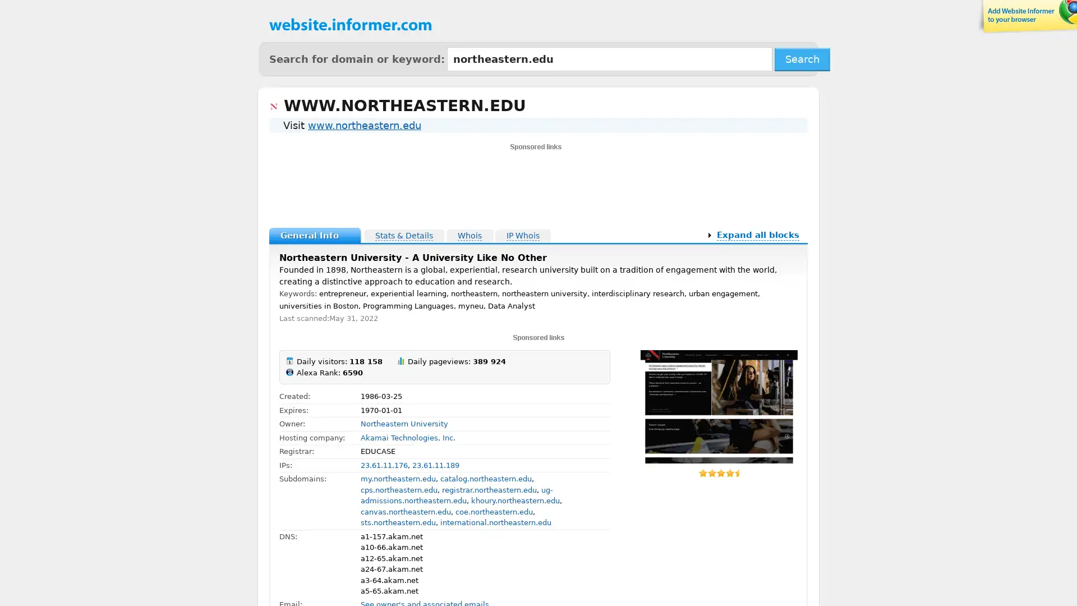 Image resolution: width=1077 pixels, height=606 pixels. I want to click on Search, so click(802, 58).